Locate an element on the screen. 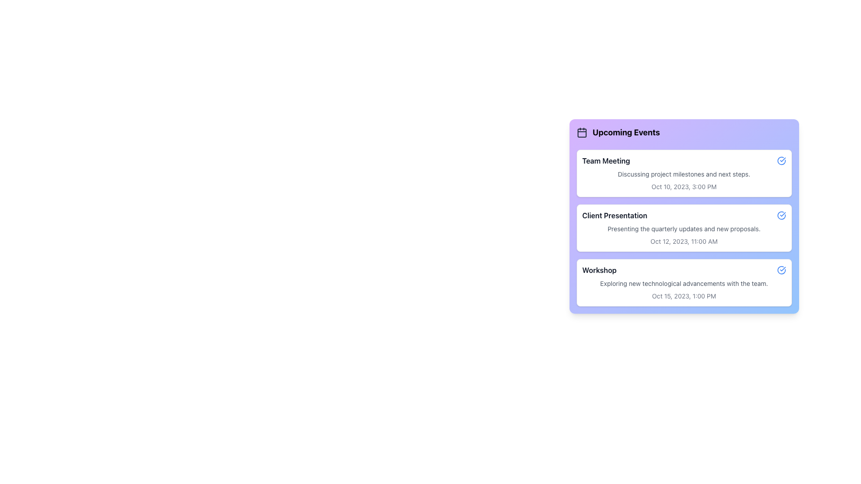 This screenshot has width=861, height=484. the static text label that indicates the time of day for the event scheduled at '11:00 AM', located in the bottom right part of the text block in the 'Upcoming Events' section is located at coordinates (704, 241).